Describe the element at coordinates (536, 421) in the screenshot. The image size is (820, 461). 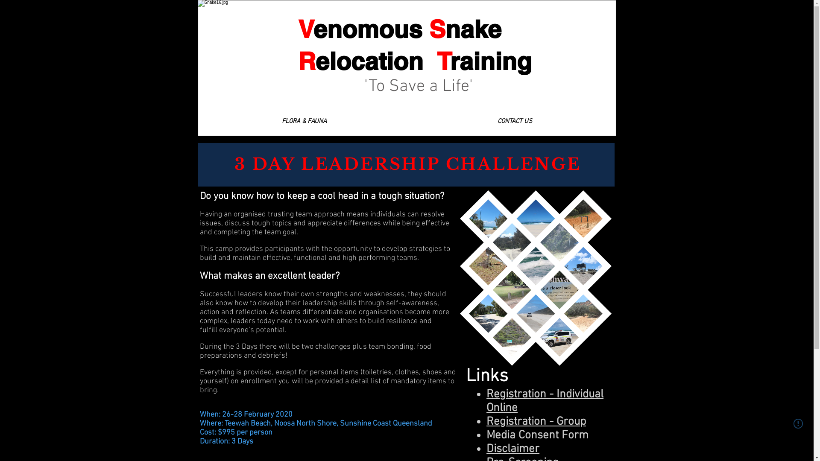
I see `'Registration - Group'` at that location.